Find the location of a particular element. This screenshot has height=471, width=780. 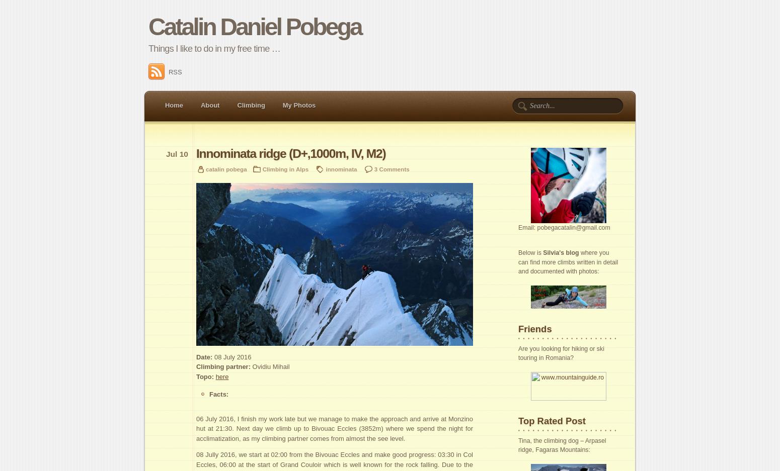

'Climbing' is located at coordinates (250, 105).